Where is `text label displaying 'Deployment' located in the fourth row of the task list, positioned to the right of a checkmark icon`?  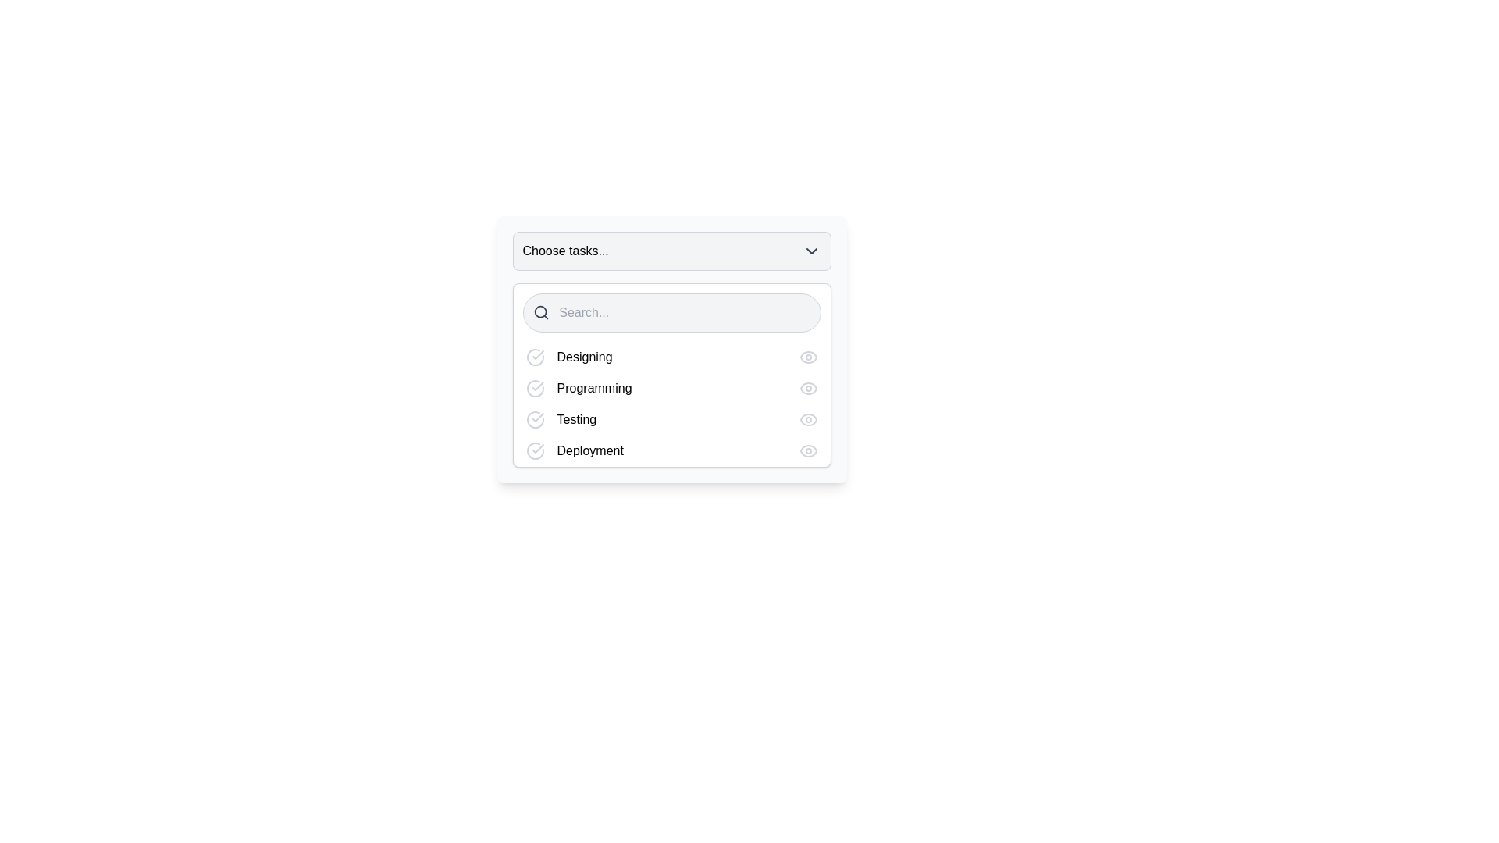
text label displaying 'Deployment' located in the fourth row of the task list, positioned to the right of a checkmark icon is located at coordinates (589, 451).